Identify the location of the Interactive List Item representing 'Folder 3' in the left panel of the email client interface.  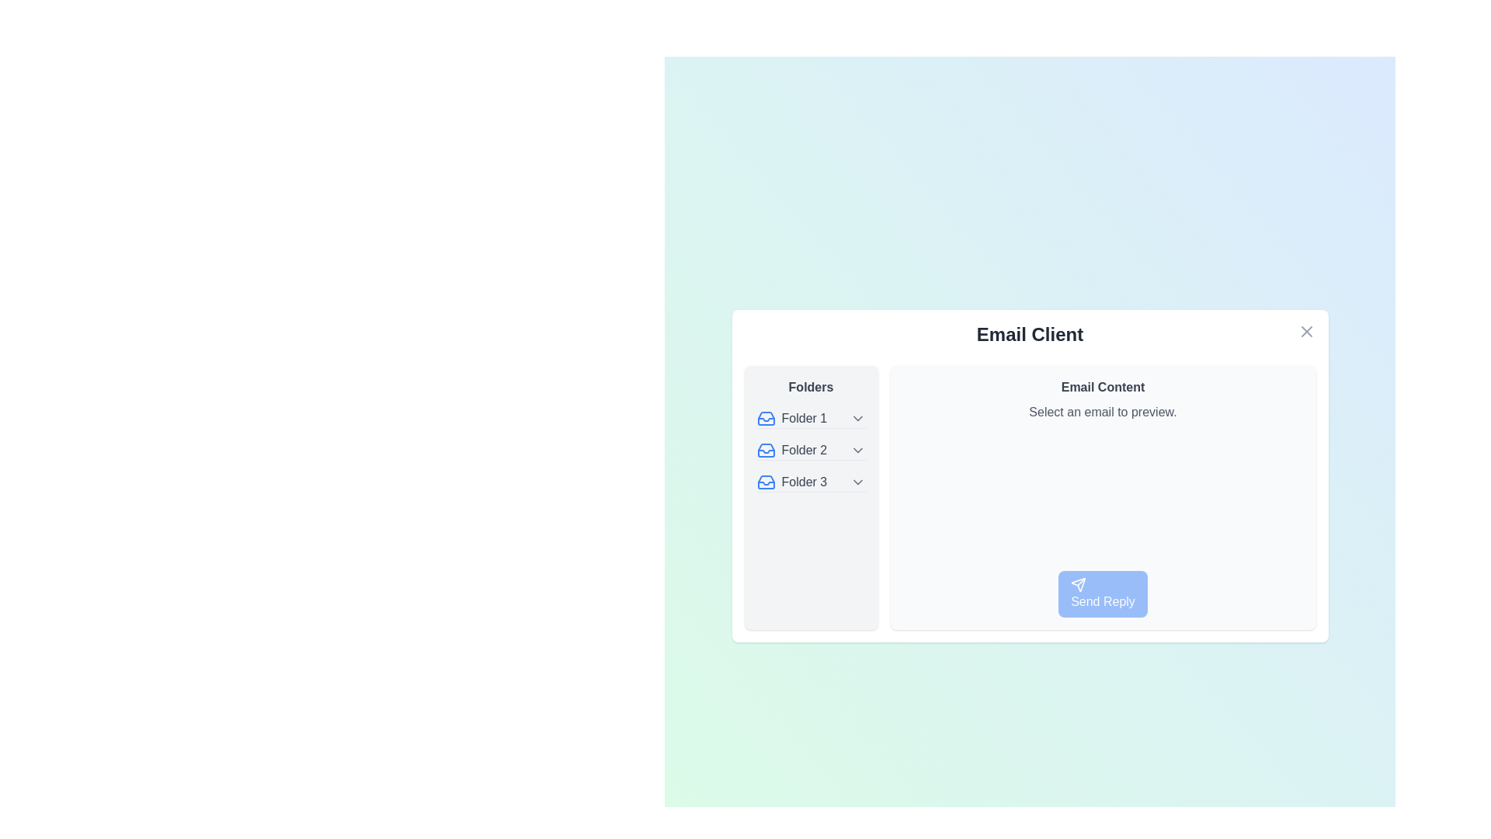
(810, 482).